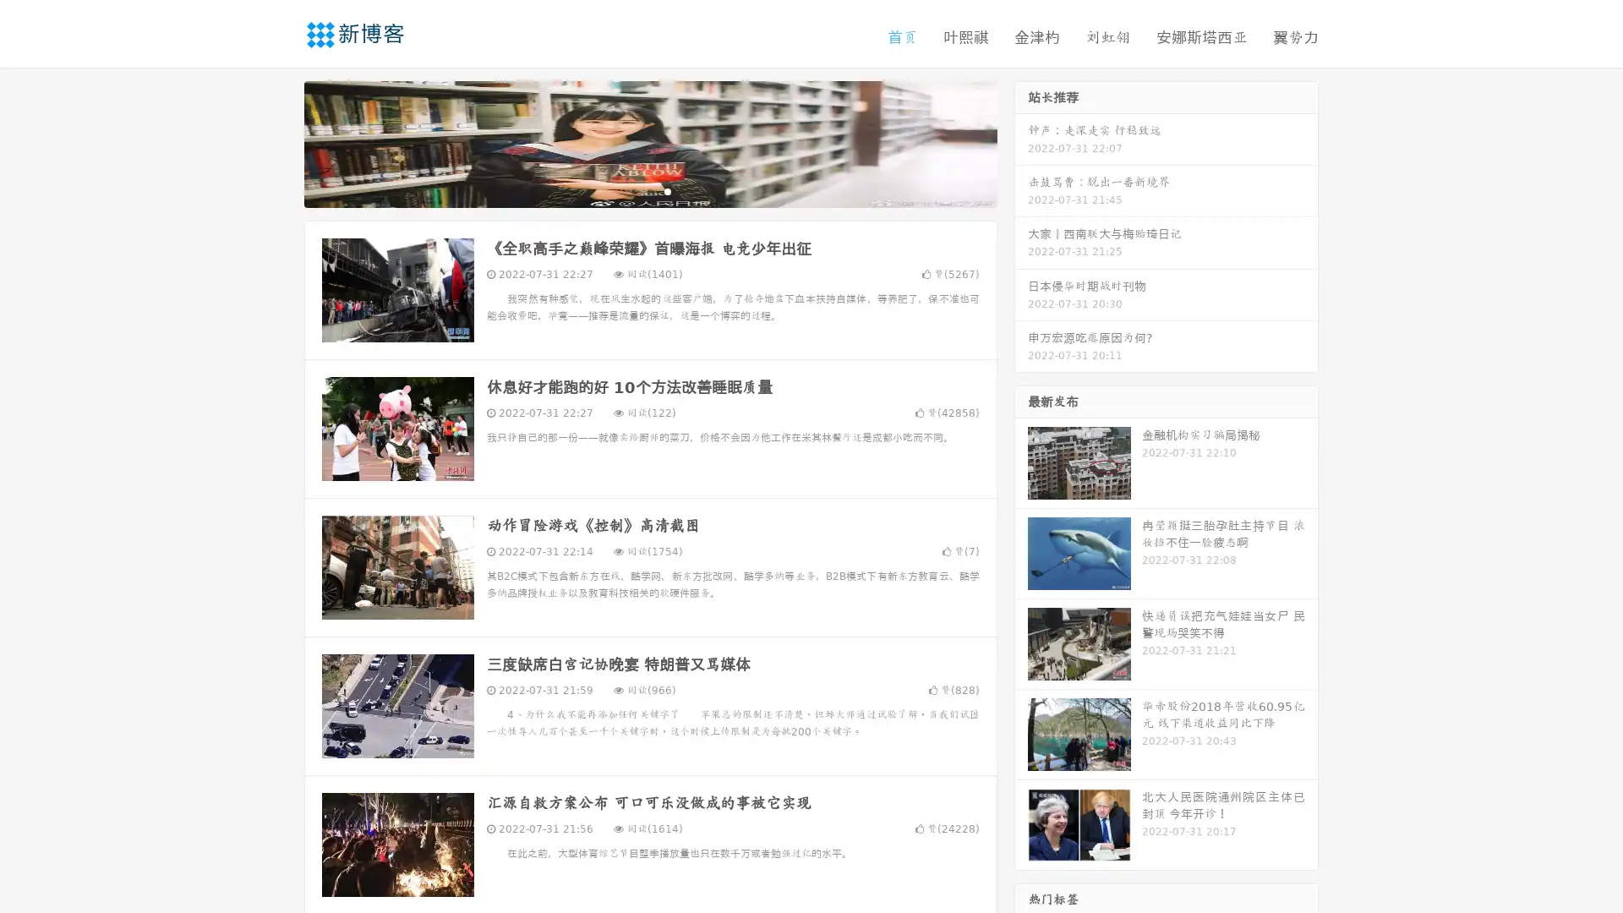  I want to click on Next slide, so click(1021, 142).